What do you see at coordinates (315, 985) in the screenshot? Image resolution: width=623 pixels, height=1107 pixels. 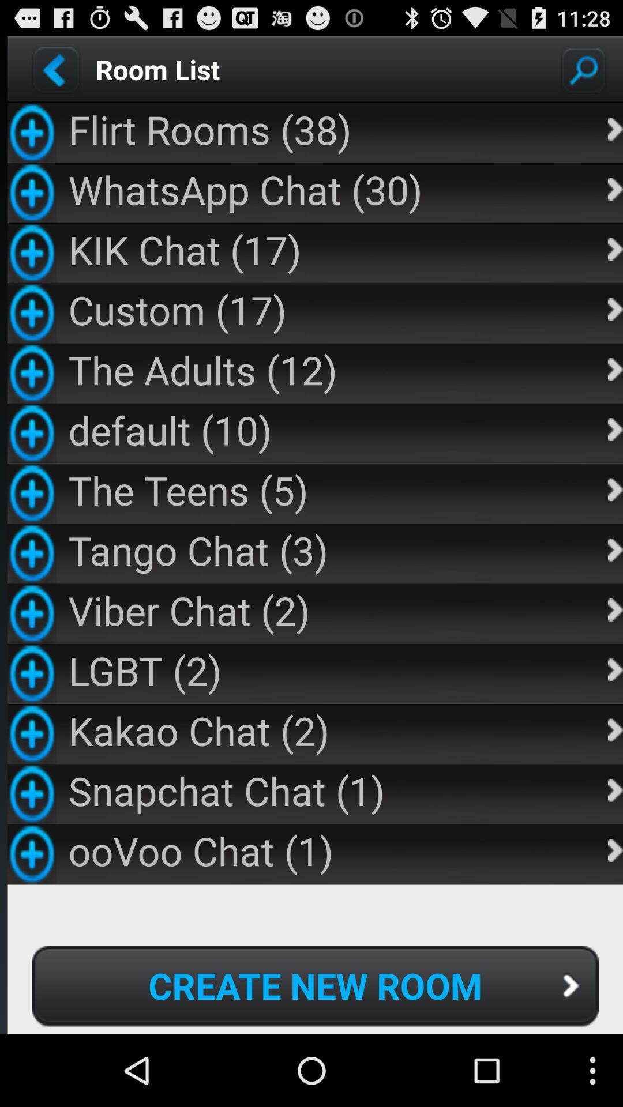 I see `app below oovoo chat (1) item` at bounding box center [315, 985].